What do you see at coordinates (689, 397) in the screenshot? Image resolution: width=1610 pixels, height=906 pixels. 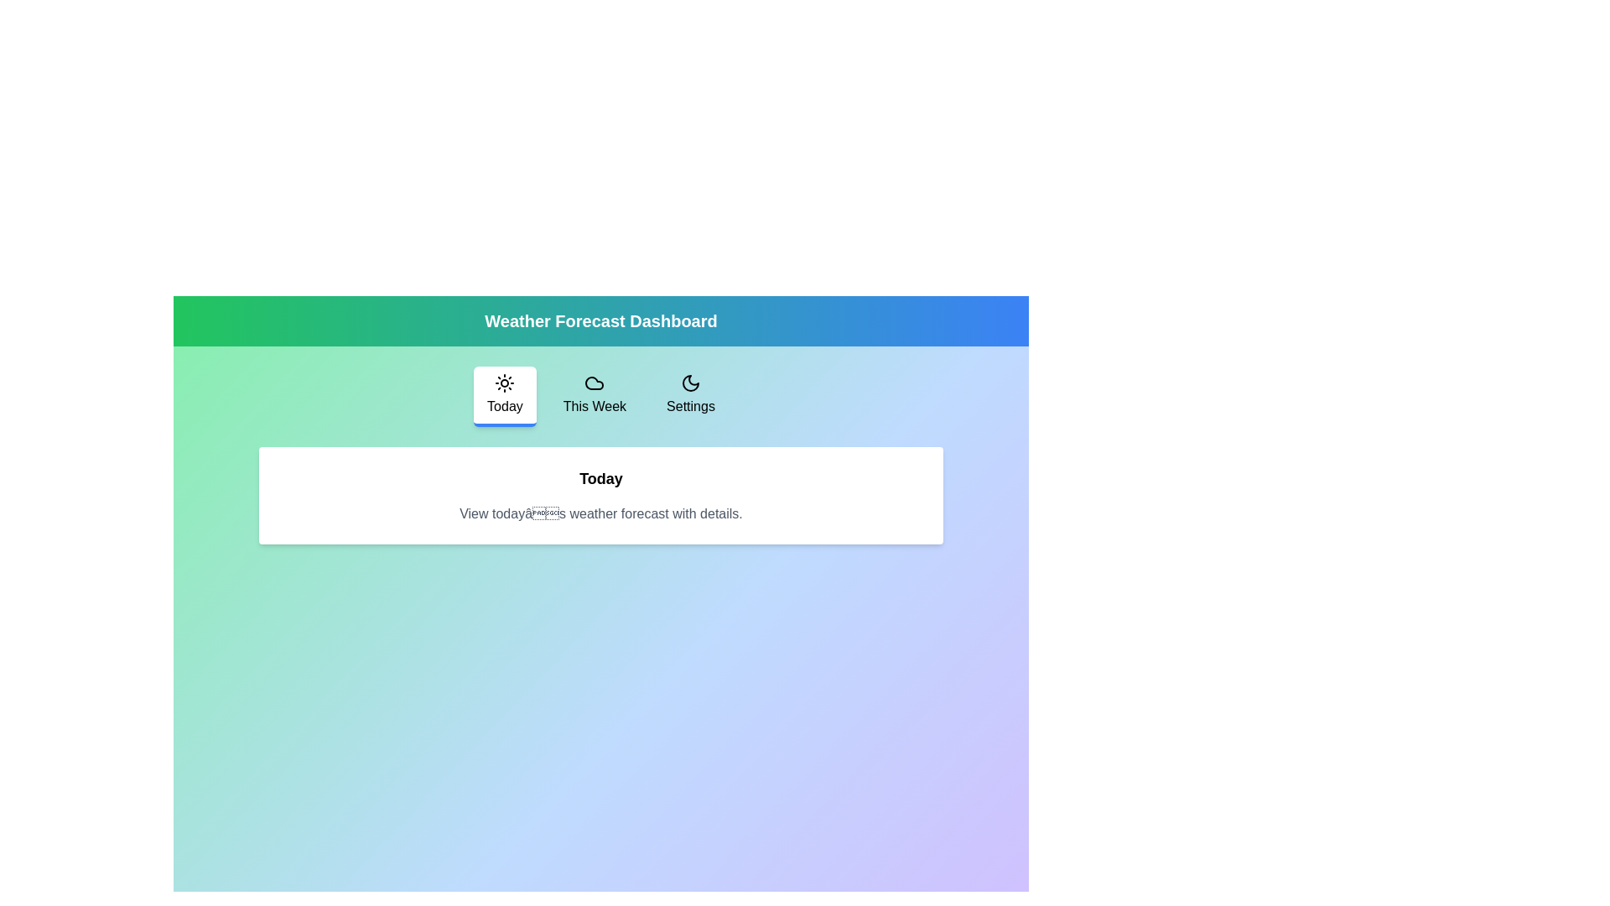 I see `the tab labeled Settings to navigate to it` at bounding box center [689, 397].